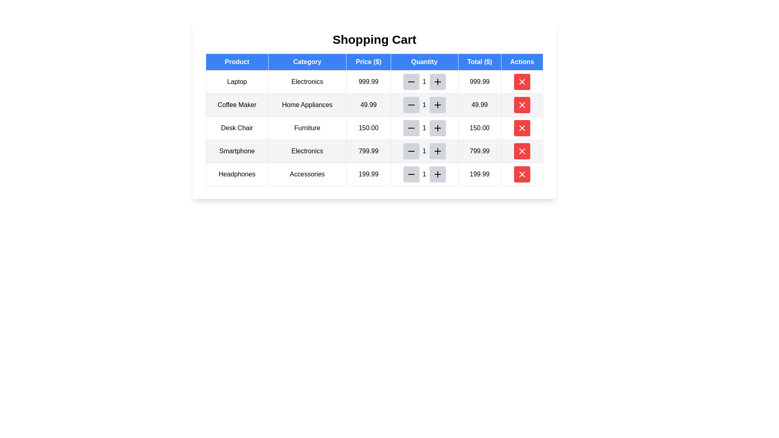  I want to click on the plus button in the third row of the shopping cart table, so click(437, 128).